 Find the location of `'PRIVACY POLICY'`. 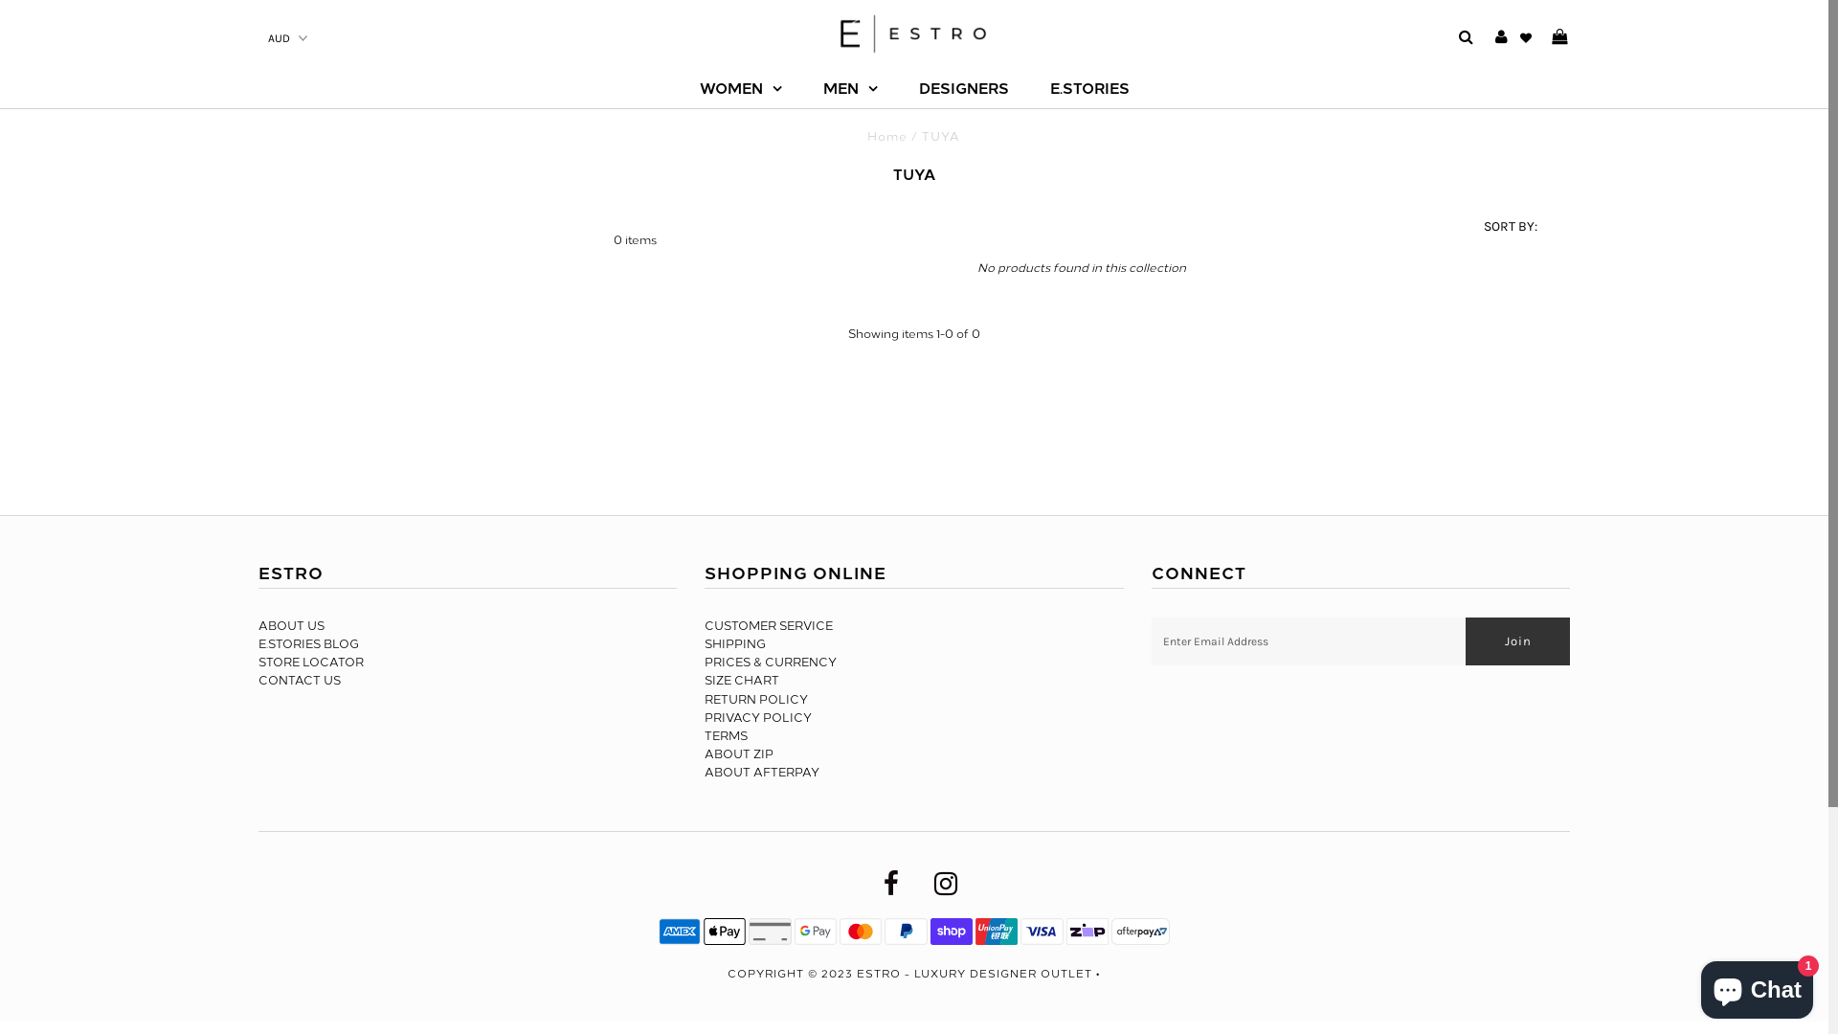

'PRIVACY POLICY' is located at coordinates (757, 717).